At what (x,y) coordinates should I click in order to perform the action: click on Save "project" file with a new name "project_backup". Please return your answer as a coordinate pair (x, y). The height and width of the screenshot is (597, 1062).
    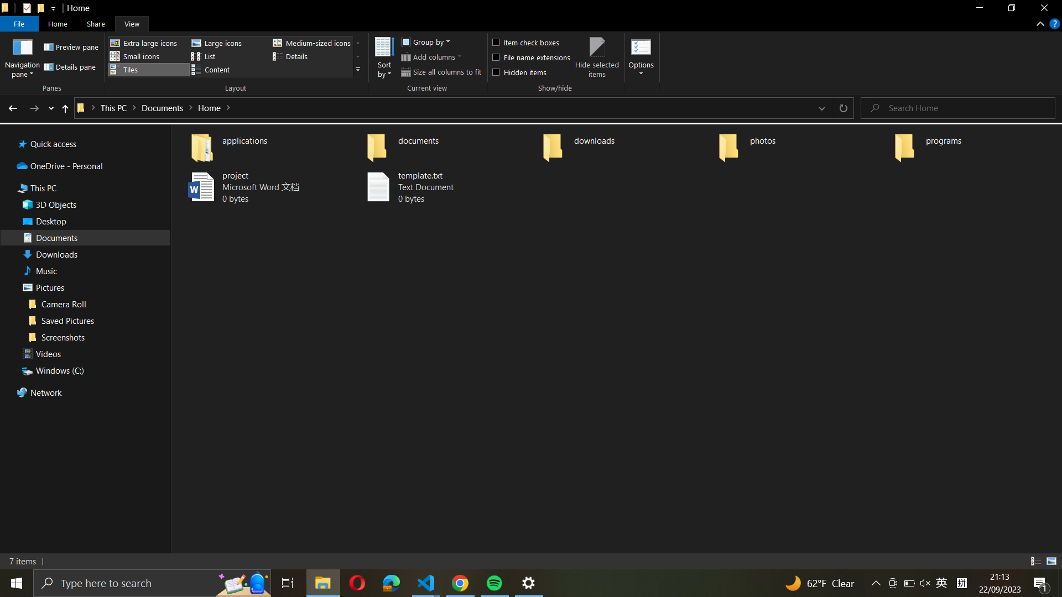
    Looking at the image, I should click on (263, 187).